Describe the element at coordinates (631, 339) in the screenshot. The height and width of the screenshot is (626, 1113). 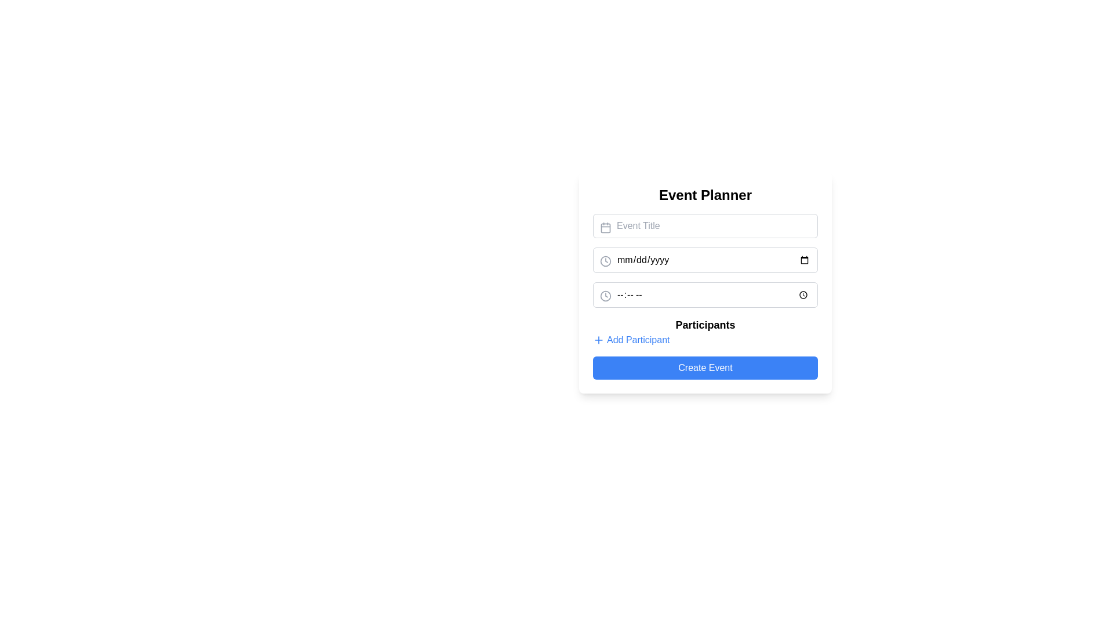
I see `the 'Add Participant' button, which is a blue text button located under the 'Participants' section, just above the 'Create Event' button` at that location.